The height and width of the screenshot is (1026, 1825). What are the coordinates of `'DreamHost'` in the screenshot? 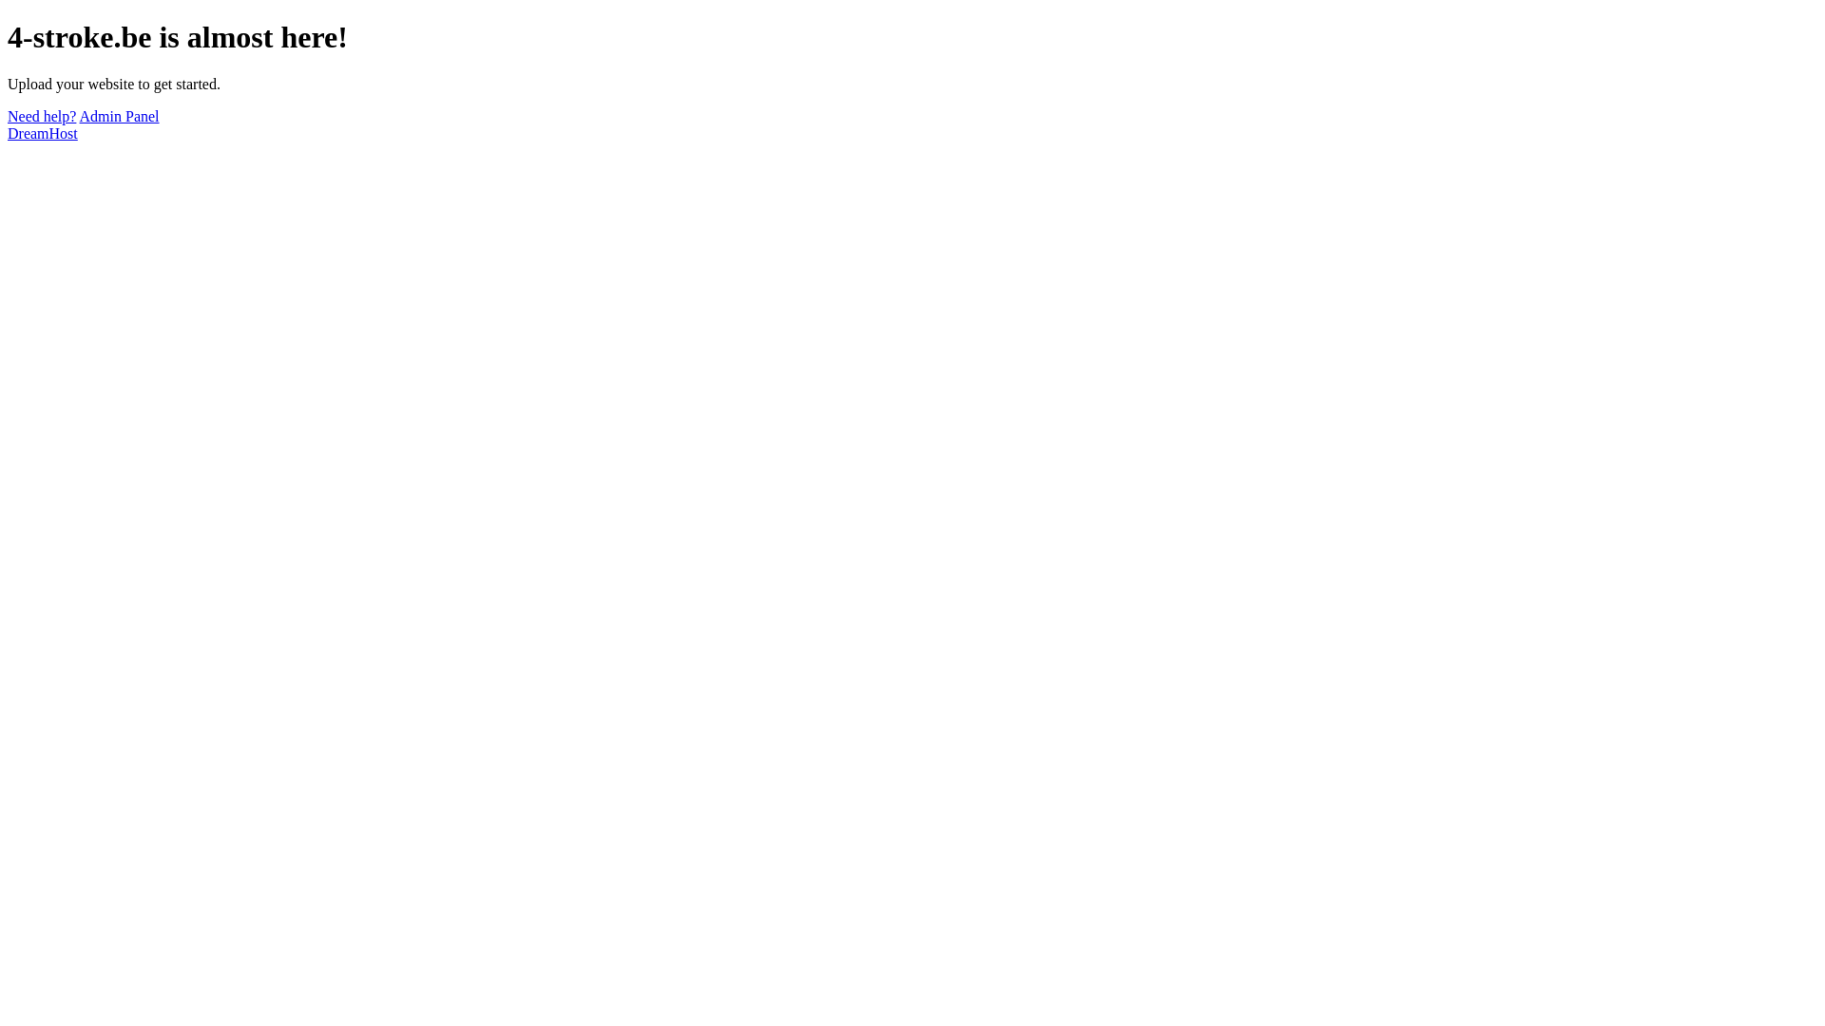 It's located at (8, 132).